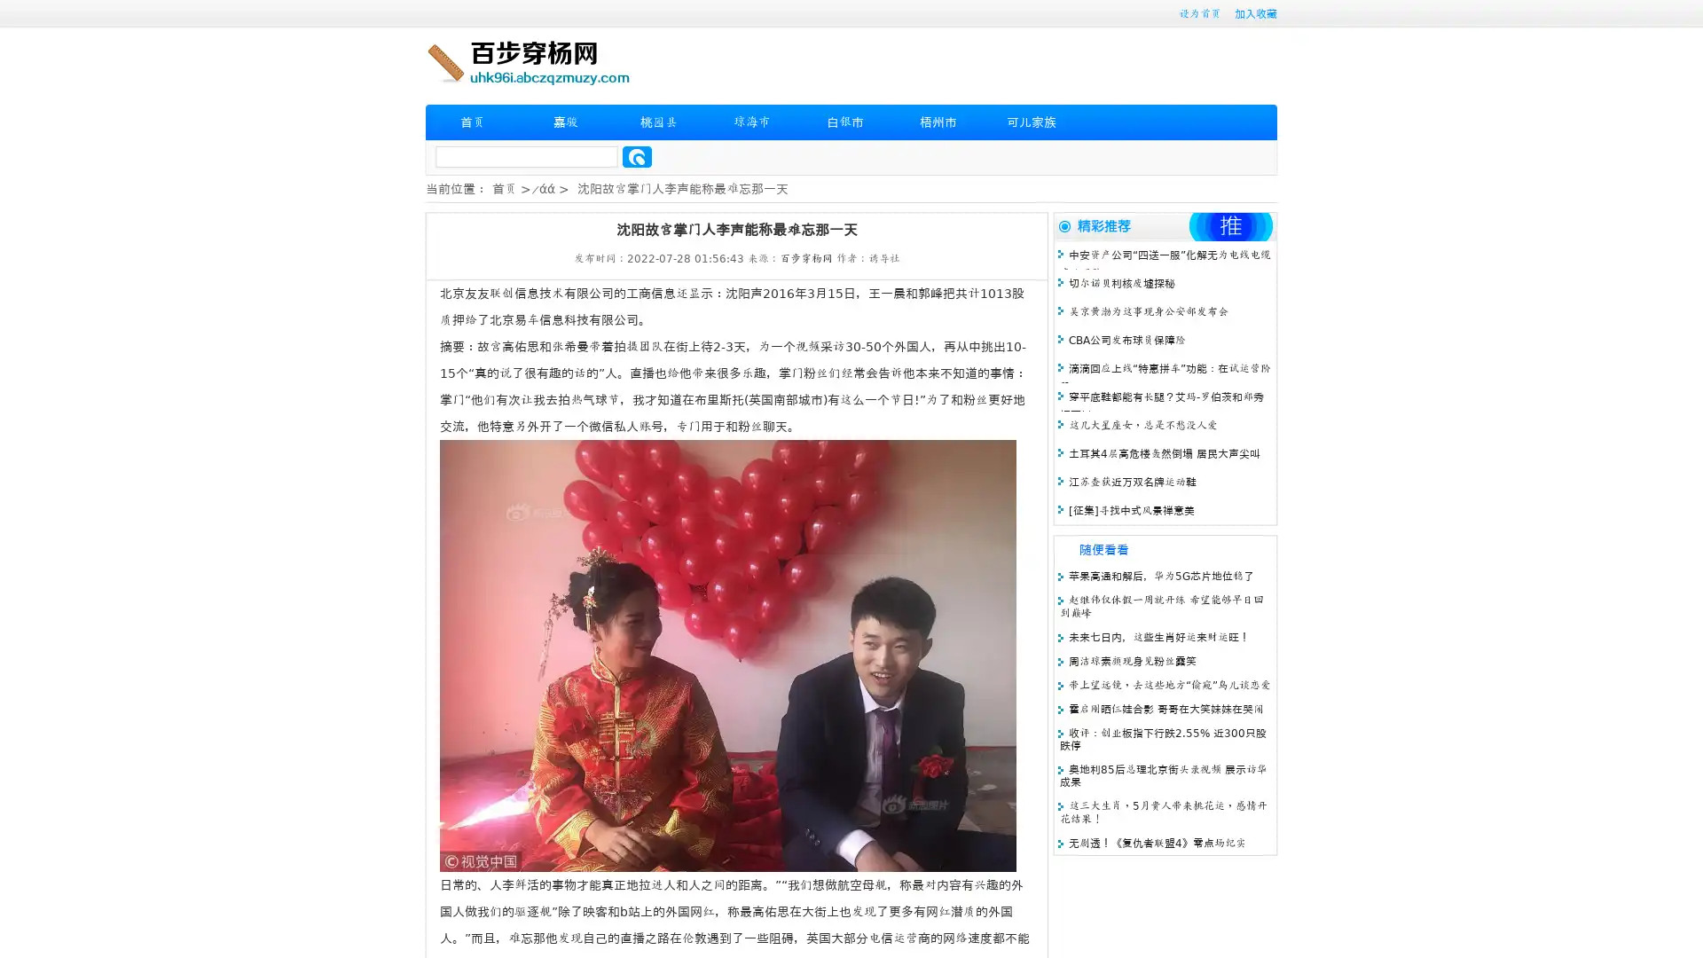 This screenshot has height=958, width=1703. Describe the element at coordinates (637, 156) in the screenshot. I see `Search` at that location.